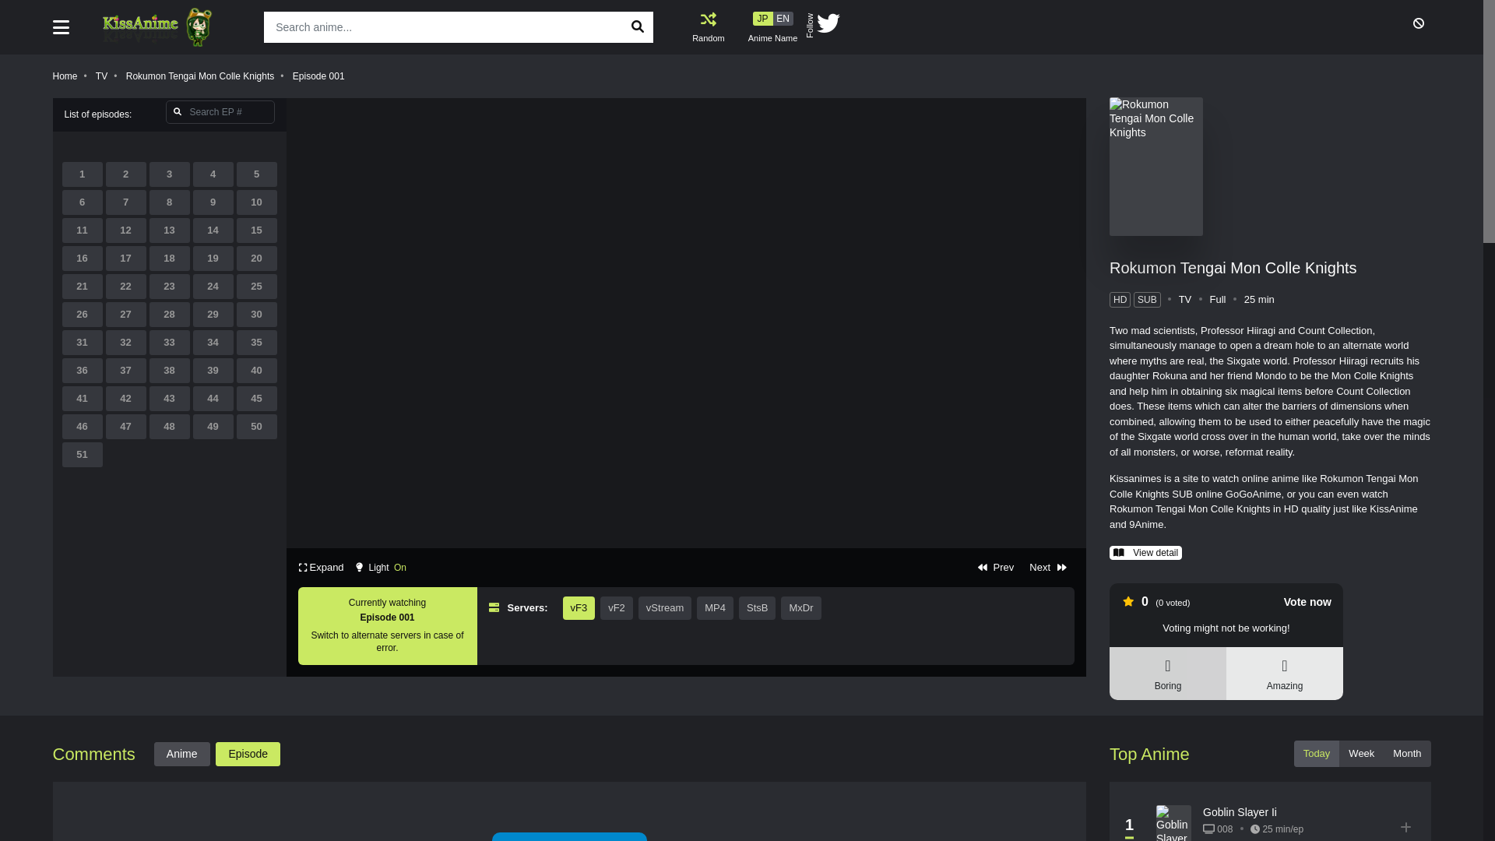 The height and width of the screenshot is (841, 1495). Describe the element at coordinates (257, 257) in the screenshot. I see `'20'` at that location.